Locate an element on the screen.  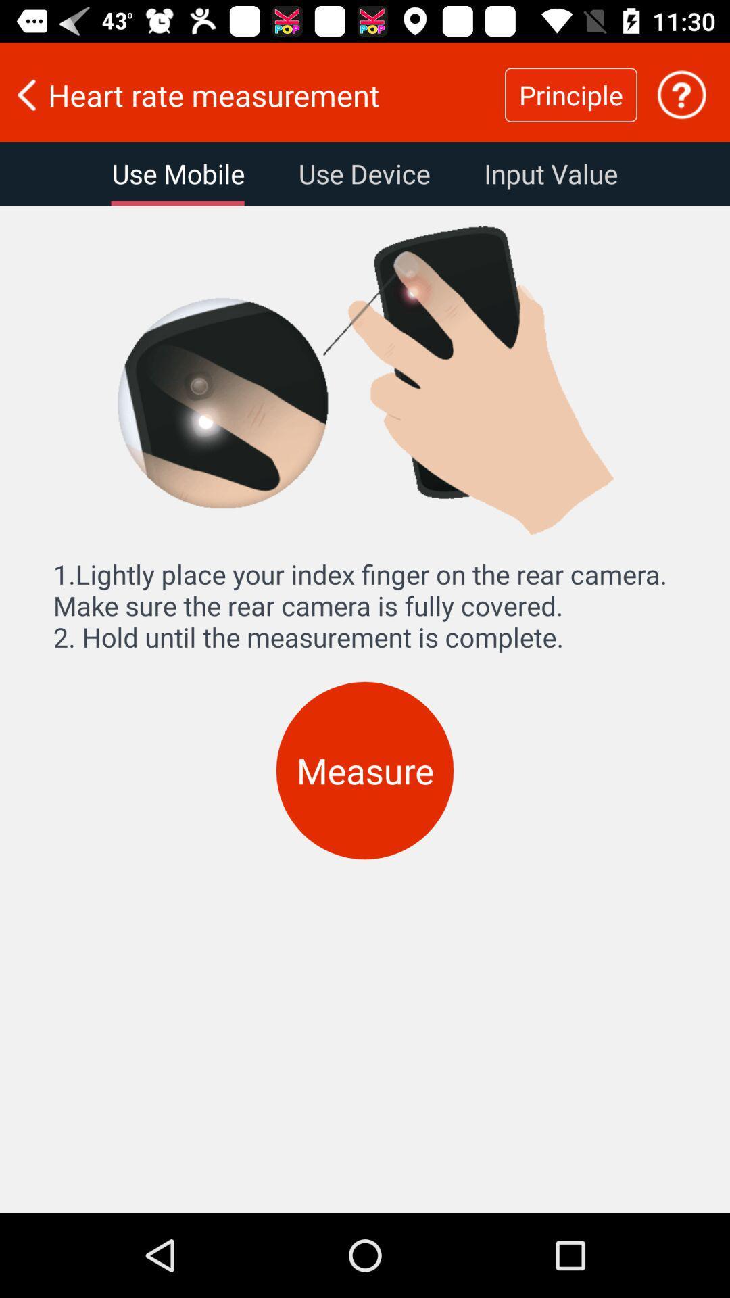
icon to the right of the heart rate measurement icon is located at coordinates (570, 94).